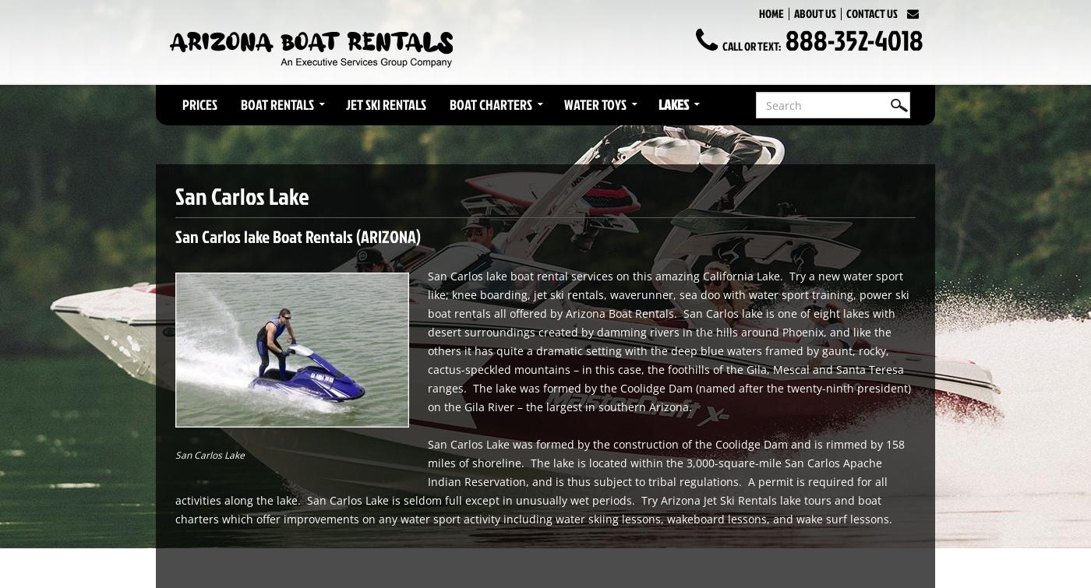  What do you see at coordinates (751, 46) in the screenshot?
I see `'Call or Text:'` at bounding box center [751, 46].